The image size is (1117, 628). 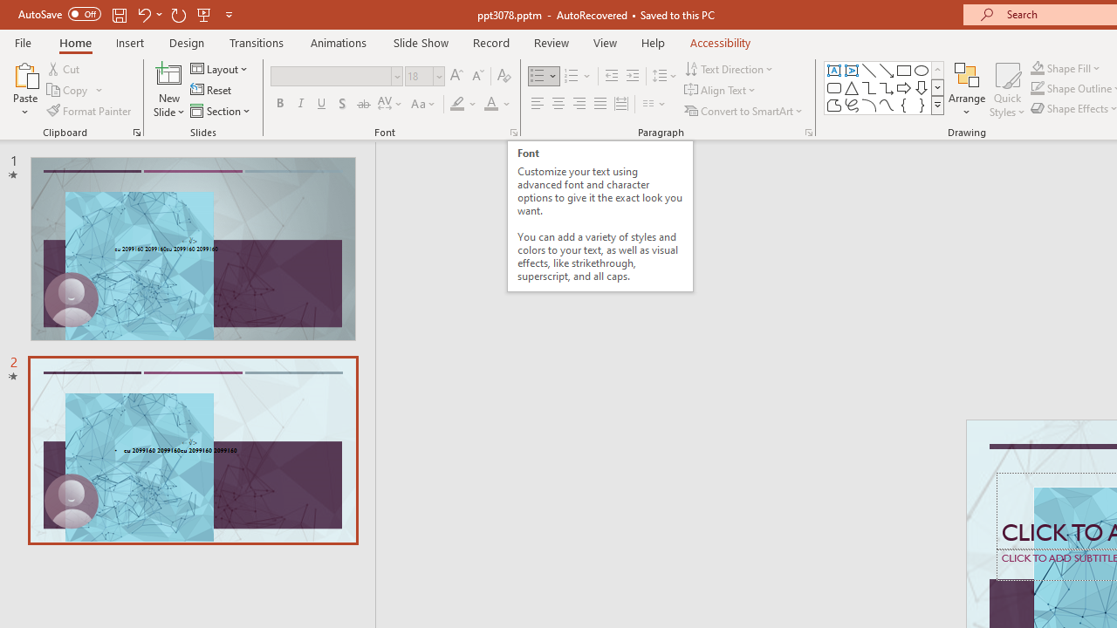 I want to click on 'Undo', so click(x=148, y=14).